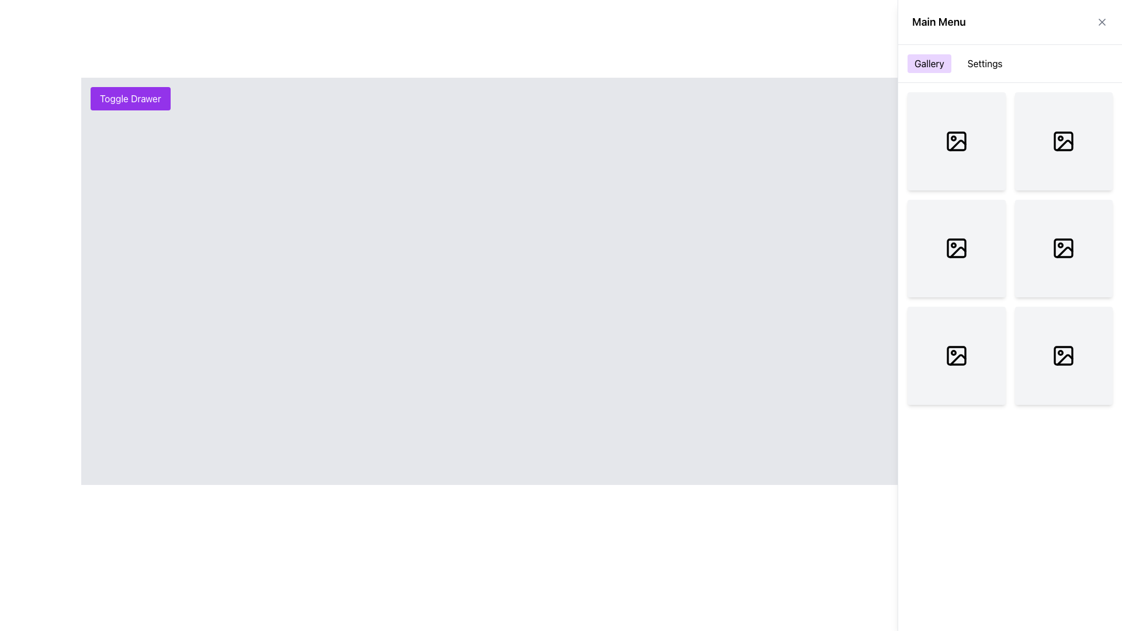 This screenshot has width=1122, height=631. Describe the element at coordinates (1065, 359) in the screenshot. I see `the black slanted mountain glyph icon located in the bottom-right corner of a six-panel grid of image icons, specifically the third icon in the second row` at that location.